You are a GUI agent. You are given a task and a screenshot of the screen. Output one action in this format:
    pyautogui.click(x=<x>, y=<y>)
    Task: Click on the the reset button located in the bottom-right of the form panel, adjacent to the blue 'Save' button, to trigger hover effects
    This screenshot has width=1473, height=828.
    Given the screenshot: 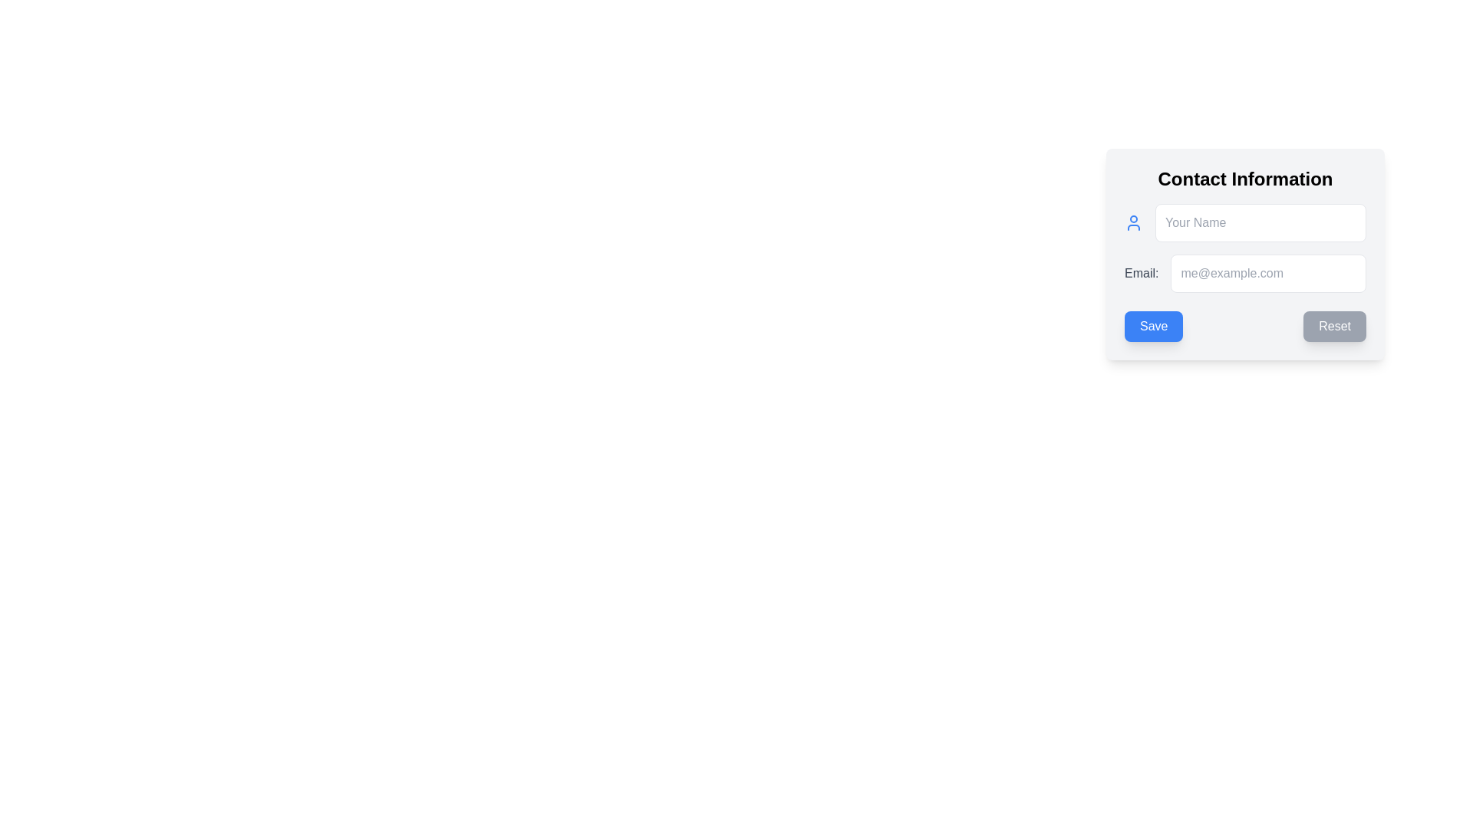 What is the action you would take?
    pyautogui.click(x=1334, y=325)
    